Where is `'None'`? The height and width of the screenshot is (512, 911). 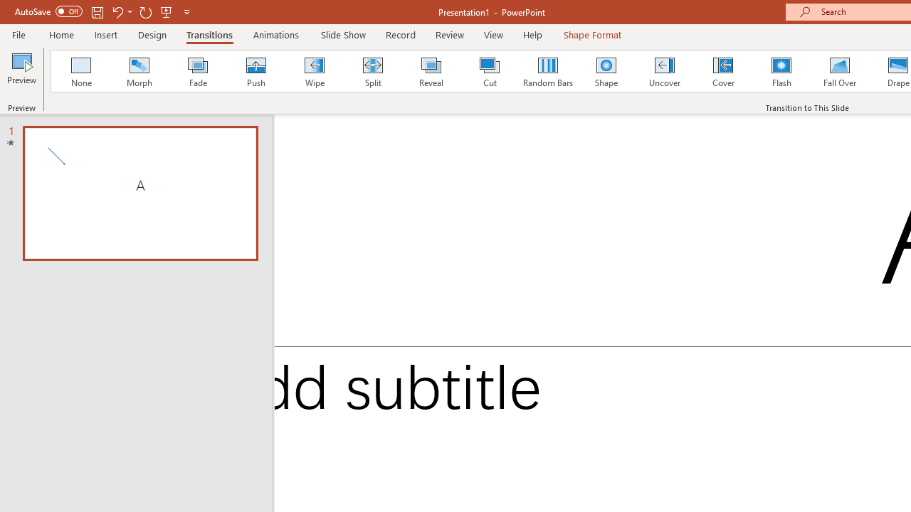 'None' is located at coordinates (80, 71).